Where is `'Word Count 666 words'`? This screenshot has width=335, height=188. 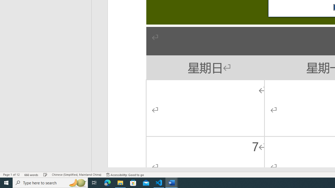 'Word Count 666 words' is located at coordinates (31, 175).